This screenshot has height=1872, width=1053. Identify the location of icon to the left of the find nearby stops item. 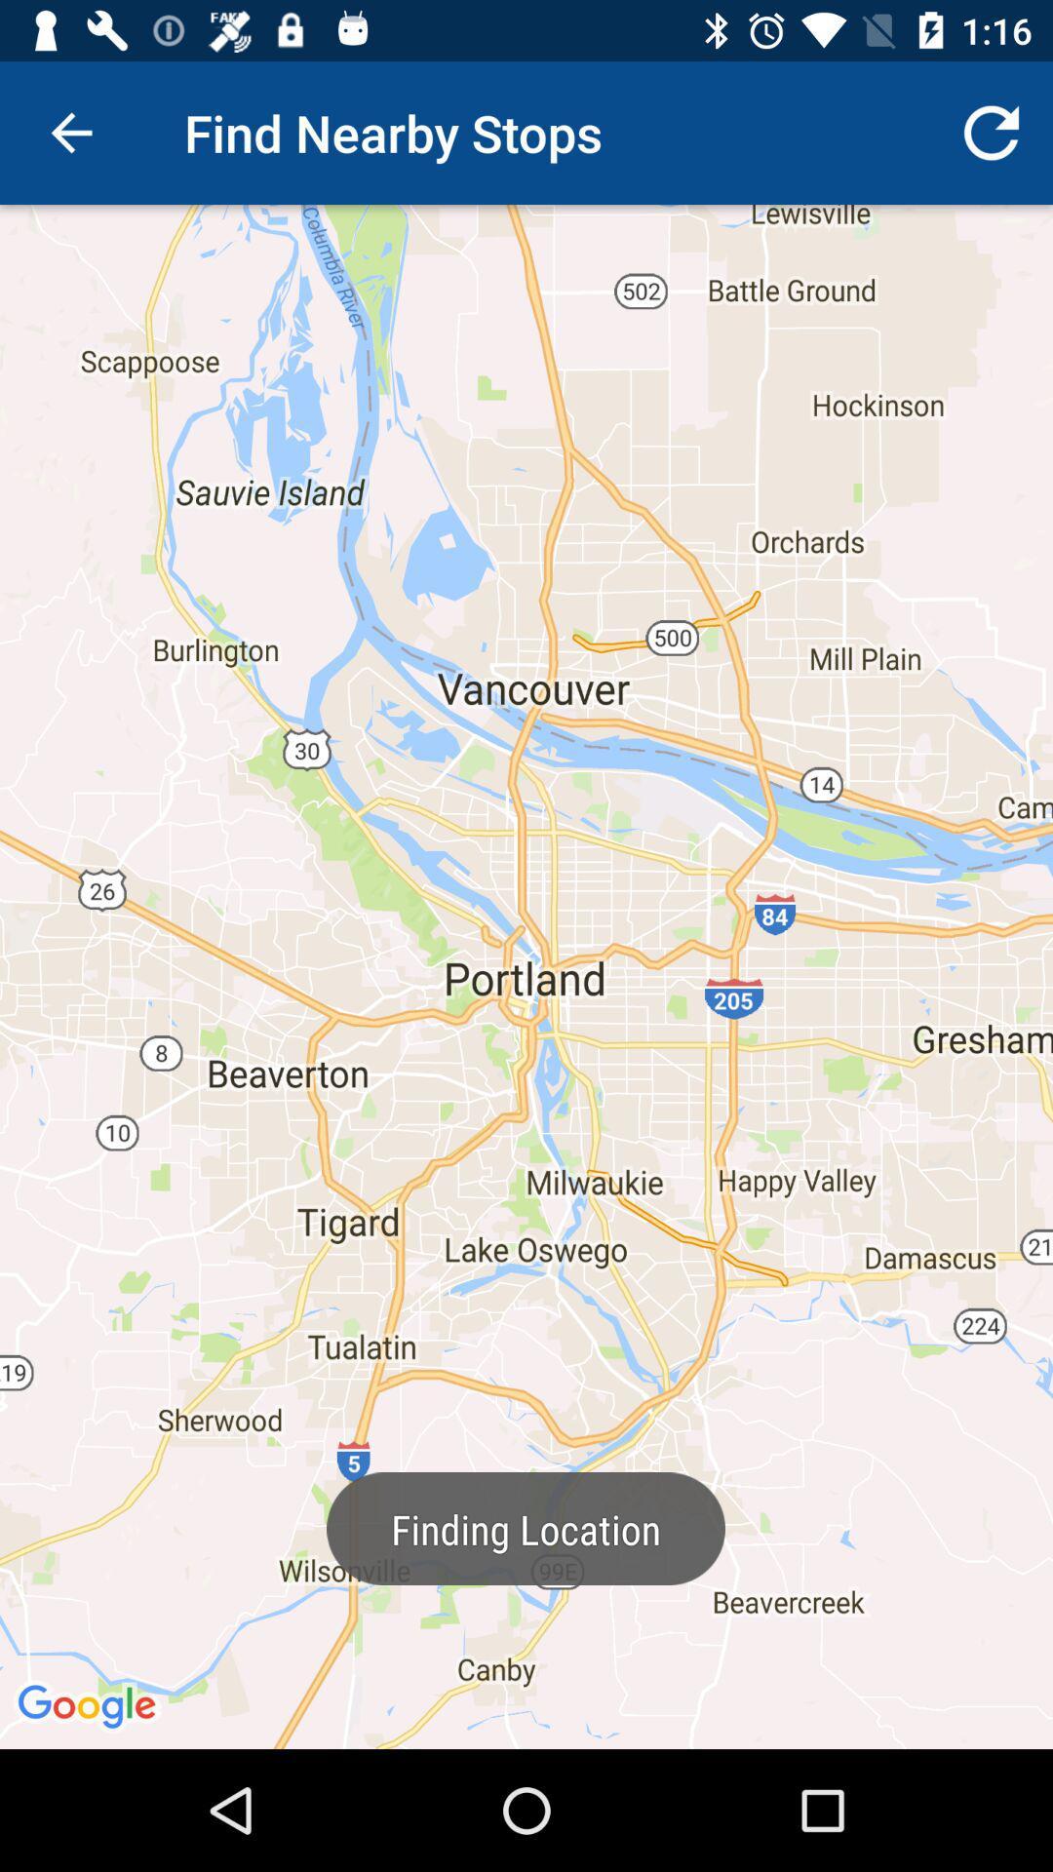
(70, 132).